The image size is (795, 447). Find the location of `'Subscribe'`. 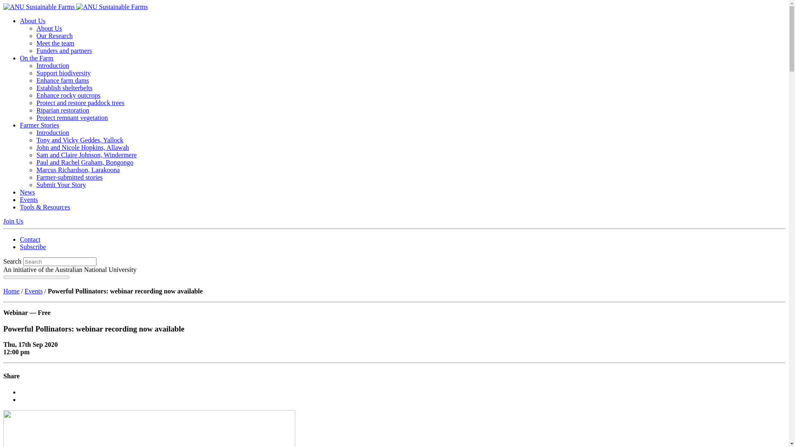

'Subscribe' is located at coordinates (20, 246).